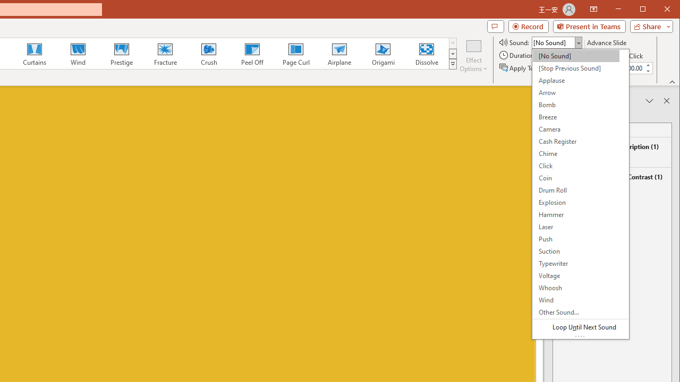 The width and height of the screenshot is (680, 382). I want to click on 'Curtains', so click(35, 53).